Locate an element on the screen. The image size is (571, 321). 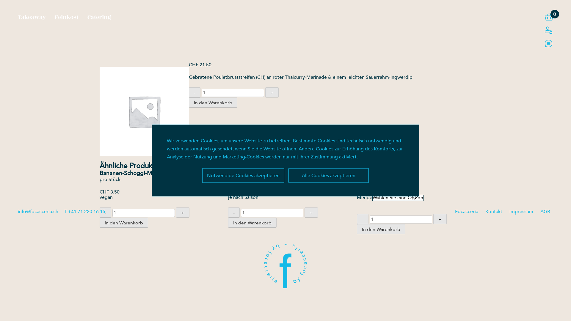
'Login / Register' is located at coordinates (548, 30).